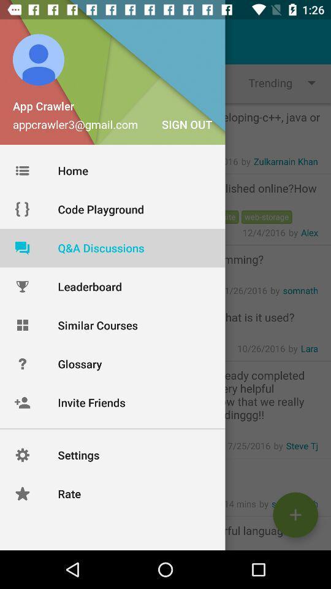 This screenshot has height=589, width=331. Describe the element at coordinates (295, 515) in the screenshot. I see `the add icon` at that location.